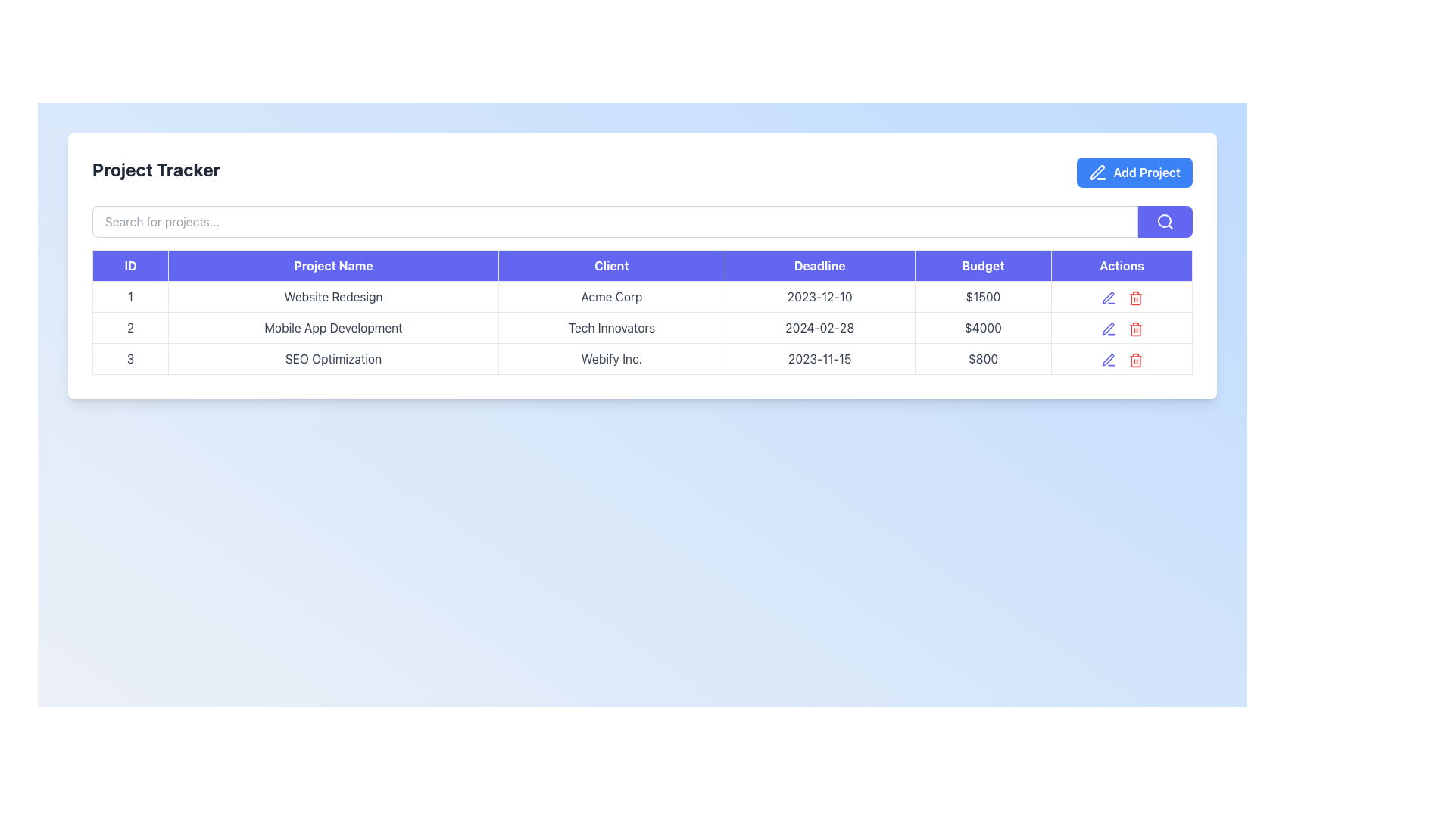  What do you see at coordinates (819, 359) in the screenshot?
I see `the table cell displaying the deadline date for the project in the fourth column of the last row` at bounding box center [819, 359].